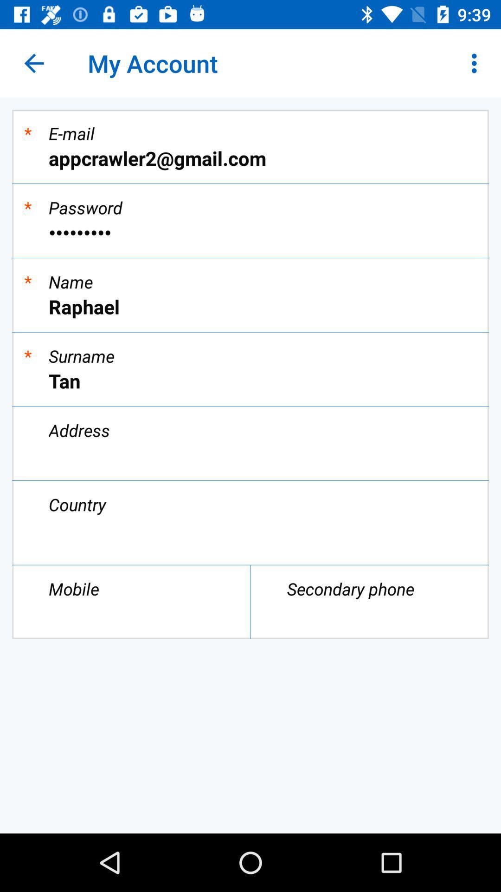  Describe the element at coordinates (476, 63) in the screenshot. I see `item at the top right corner` at that location.